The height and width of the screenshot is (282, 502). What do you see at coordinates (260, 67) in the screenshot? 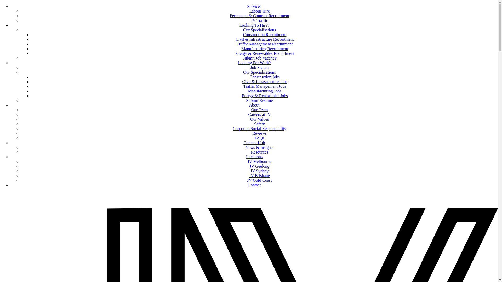
I see `'Job Search'` at bounding box center [260, 67].